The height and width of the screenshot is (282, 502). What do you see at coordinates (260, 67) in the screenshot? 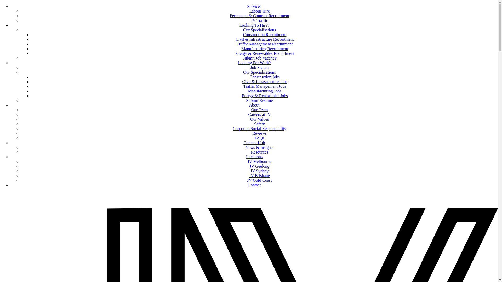
I see `'Job Search'` at bounding box center [260, 67].